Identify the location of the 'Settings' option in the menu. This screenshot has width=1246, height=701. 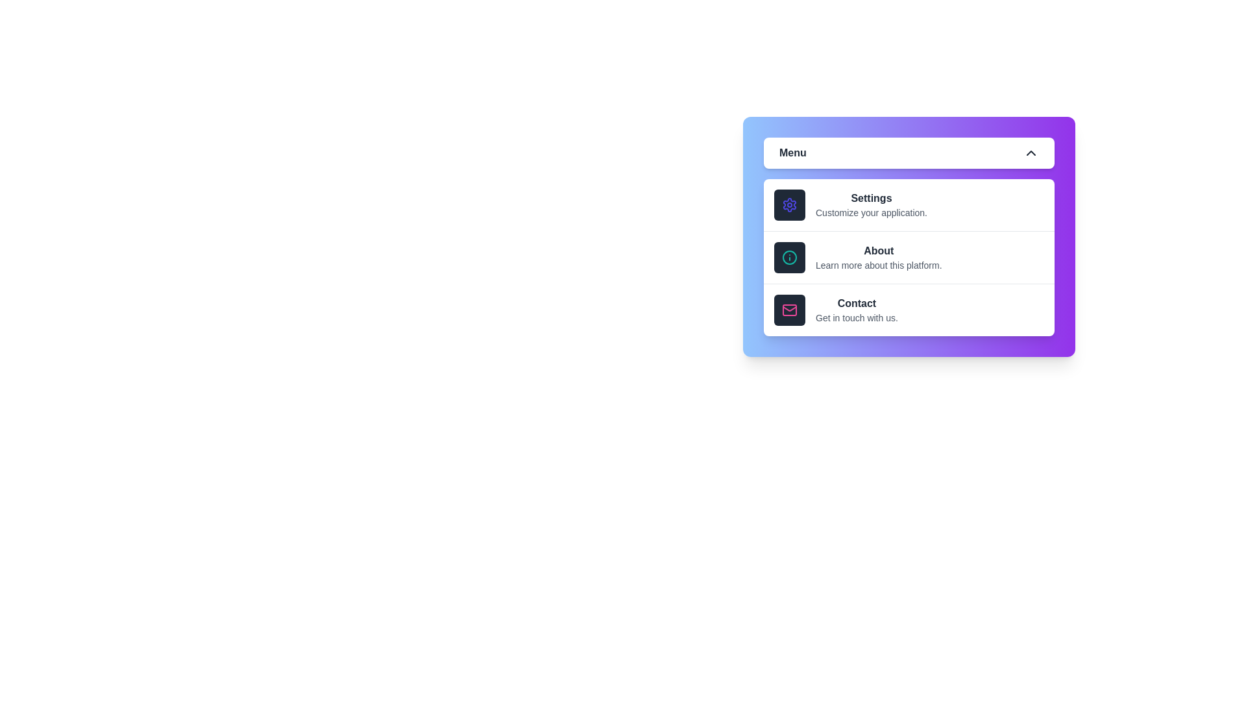
(872, 198).